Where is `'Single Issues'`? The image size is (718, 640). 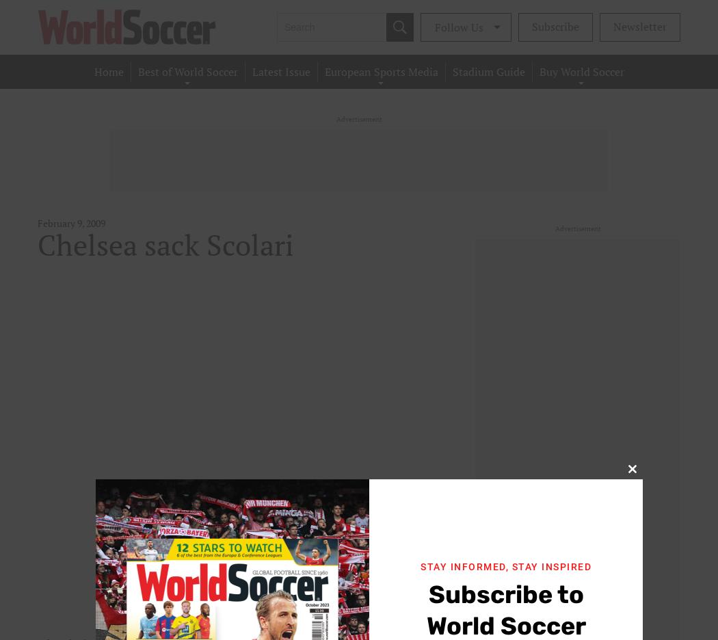
'Single Issues' is located at coordinates (557, 146).